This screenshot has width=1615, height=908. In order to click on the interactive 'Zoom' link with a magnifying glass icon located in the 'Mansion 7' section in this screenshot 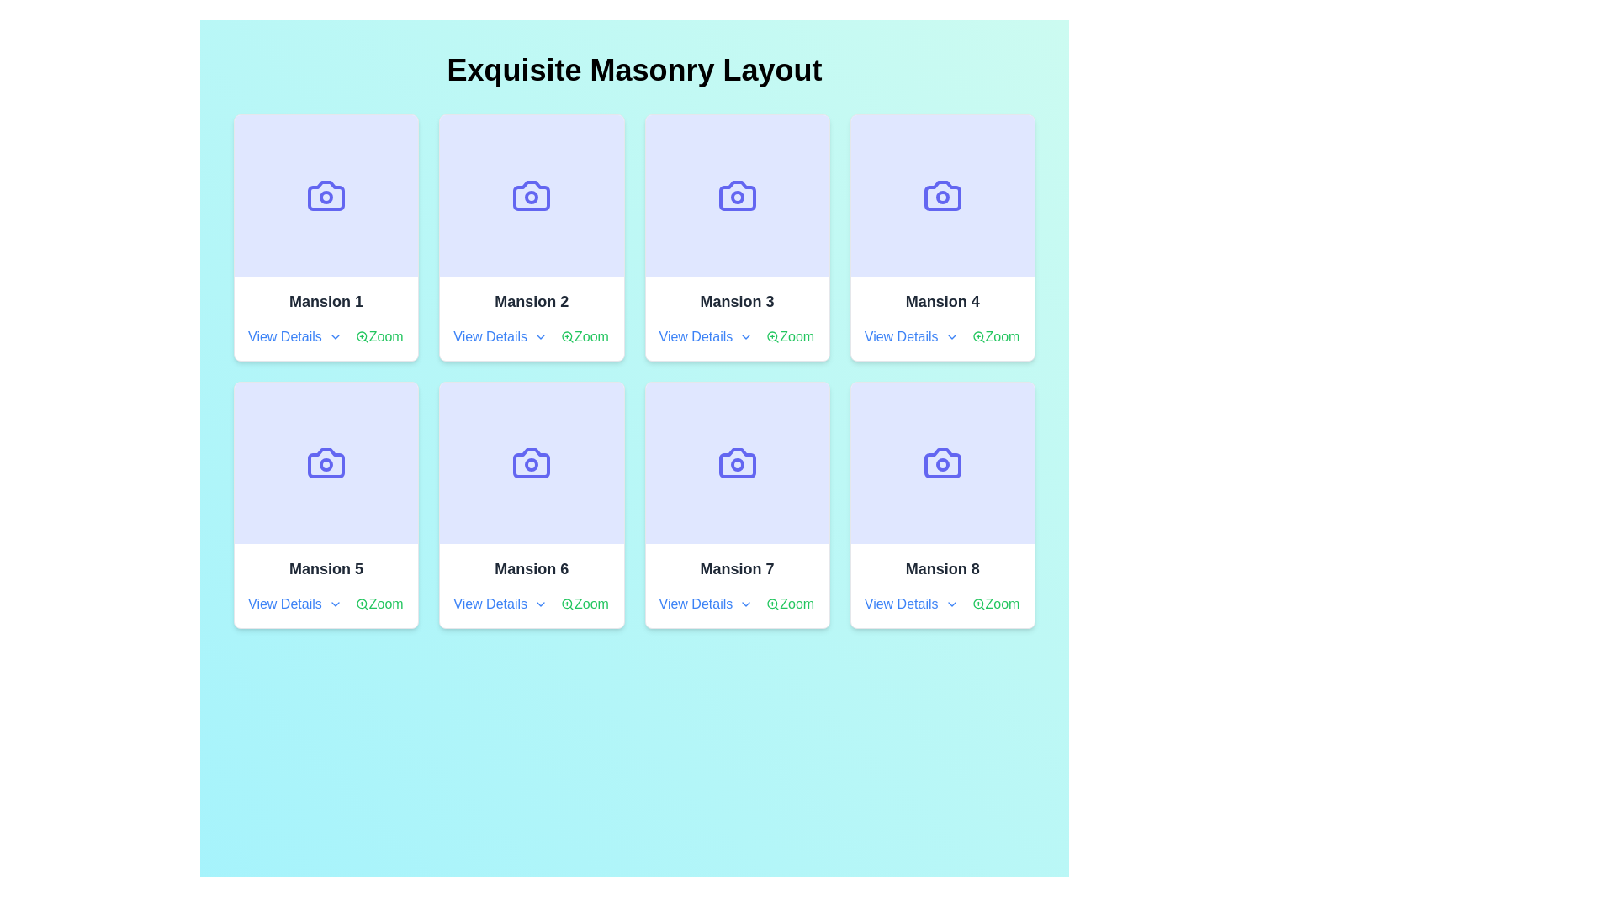, I will do `click(789, 603)`.